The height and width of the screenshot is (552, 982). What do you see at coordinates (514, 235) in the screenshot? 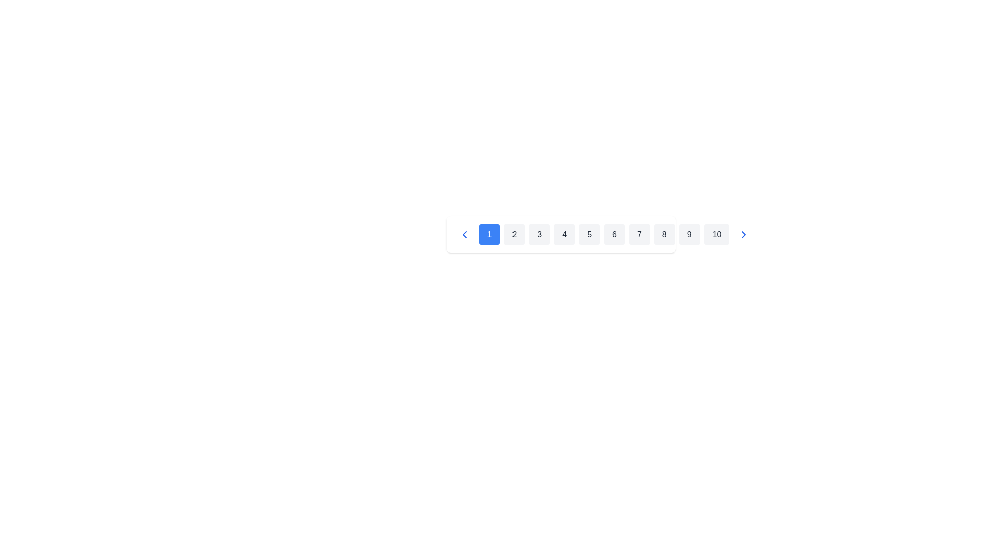
I see `the second button in the pagination system` at bounding box center [514, 235].